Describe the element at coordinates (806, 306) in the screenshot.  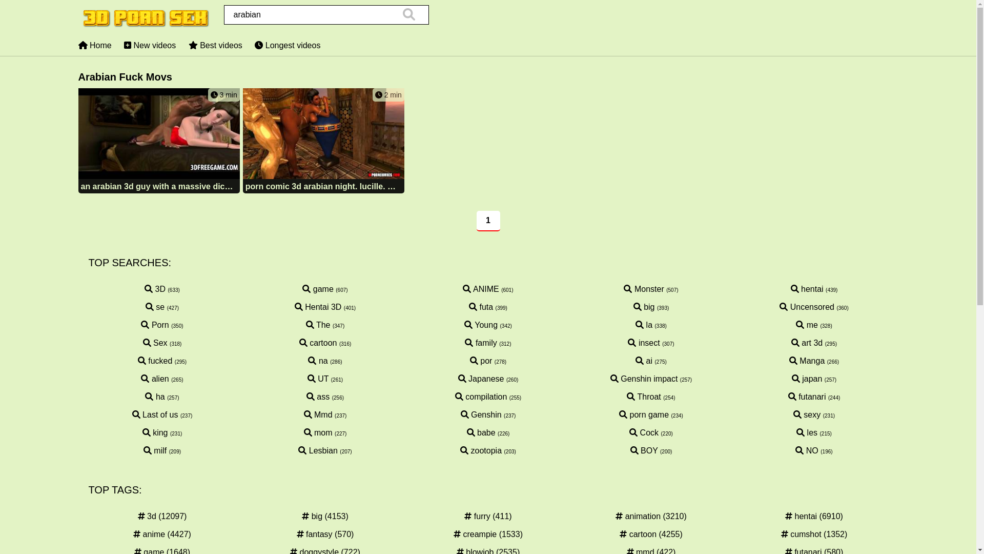
I see `'Uncensored'` at that location.